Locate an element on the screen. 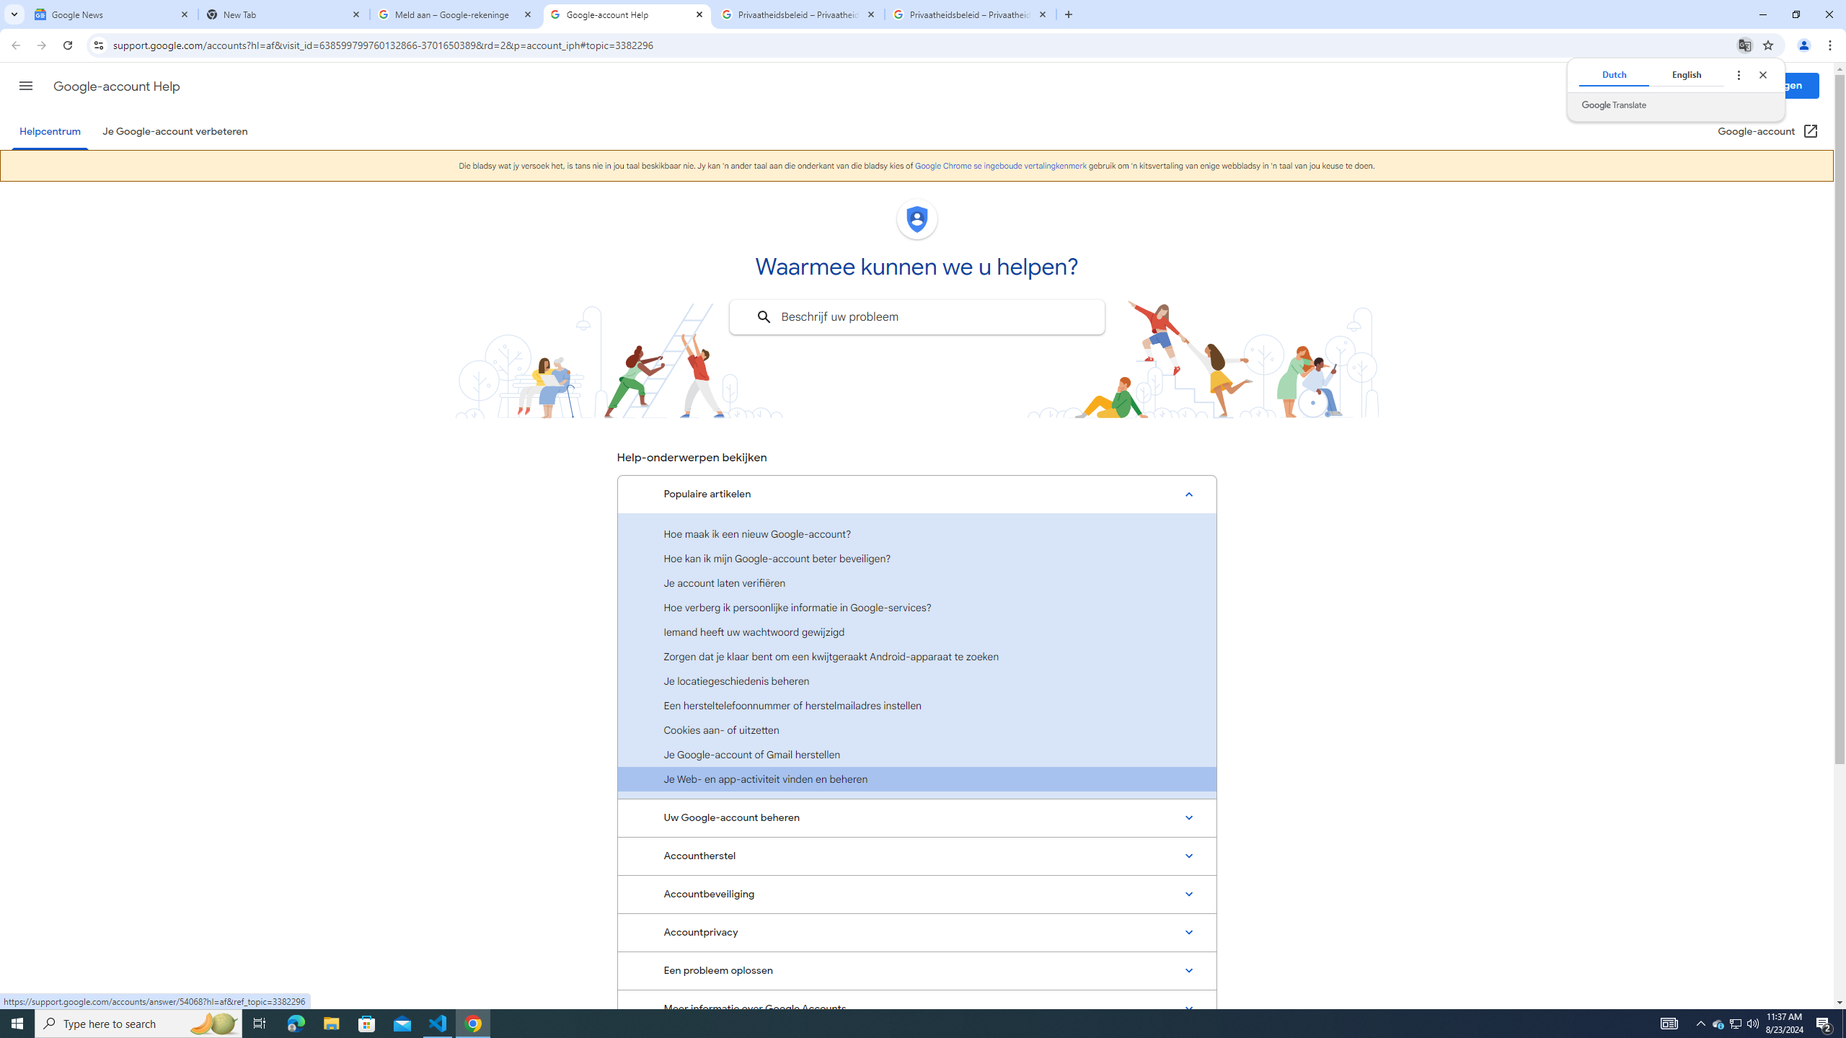  'Translate this page' is located at coordinates (1745, 44).